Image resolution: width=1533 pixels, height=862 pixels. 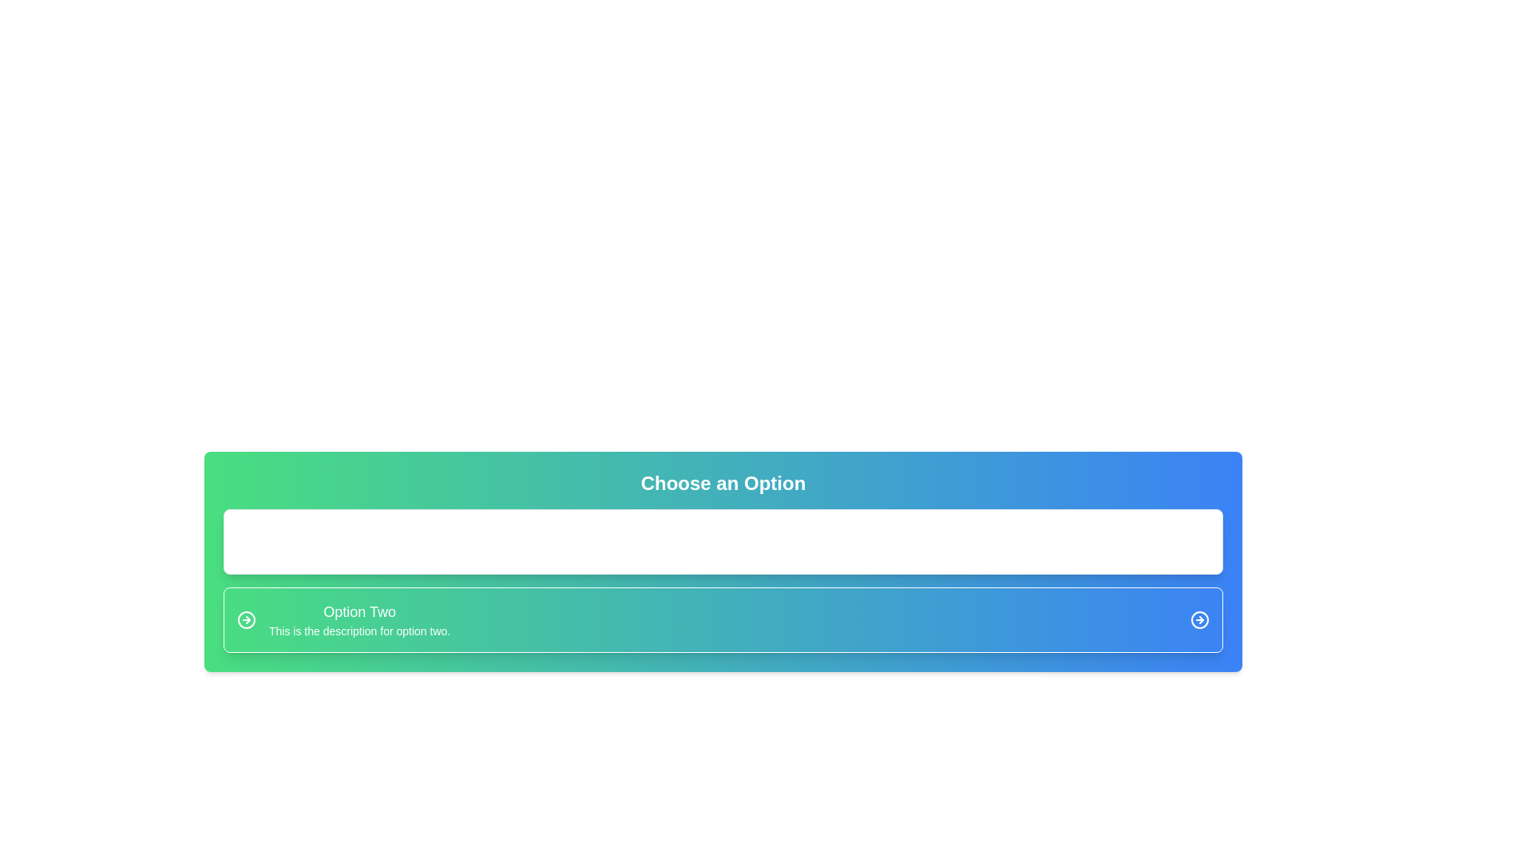 What do you see at coordinates (358, 611) in the screenshot?
I see `the static text label that identifies 'Option Two' within the selection interface` at bounding box center [358, 611].